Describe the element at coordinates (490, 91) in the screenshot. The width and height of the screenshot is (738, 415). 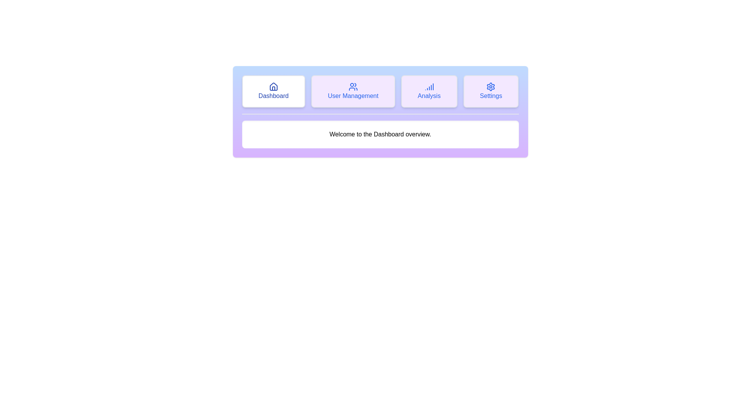
I see `the settings button card with a light purple background and a blue gear icon, located at the top right corner of the feature cards, to trigger the visual effect` at that location.